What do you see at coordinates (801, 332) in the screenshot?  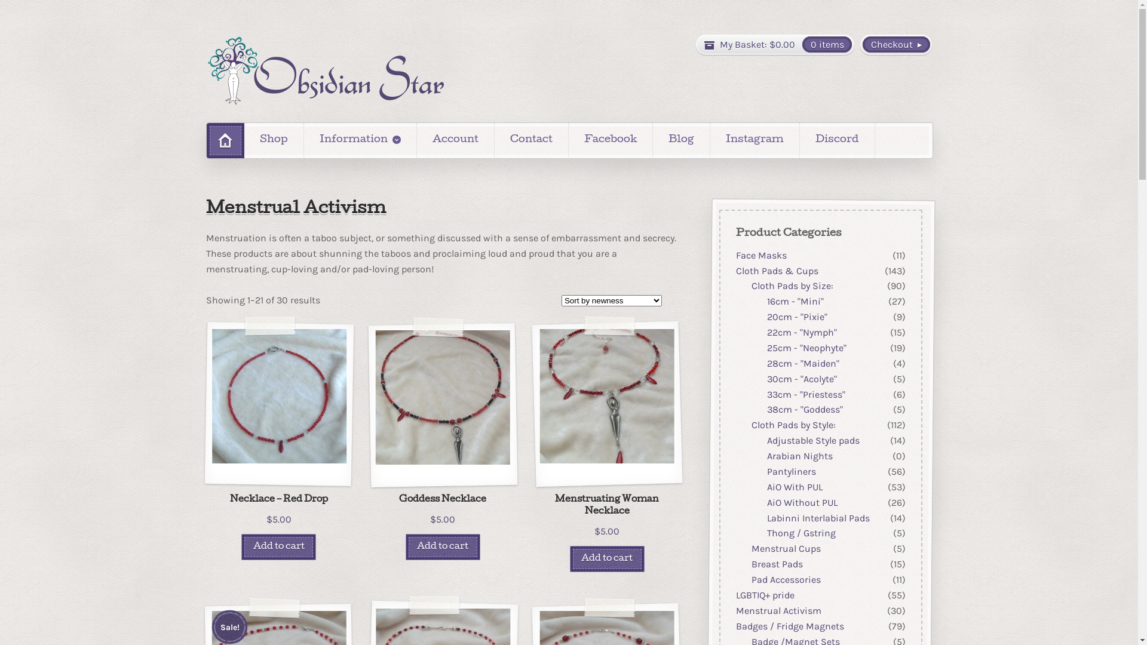 I see `'22cm - "Nymph"'` at bounding box center [801, 332].